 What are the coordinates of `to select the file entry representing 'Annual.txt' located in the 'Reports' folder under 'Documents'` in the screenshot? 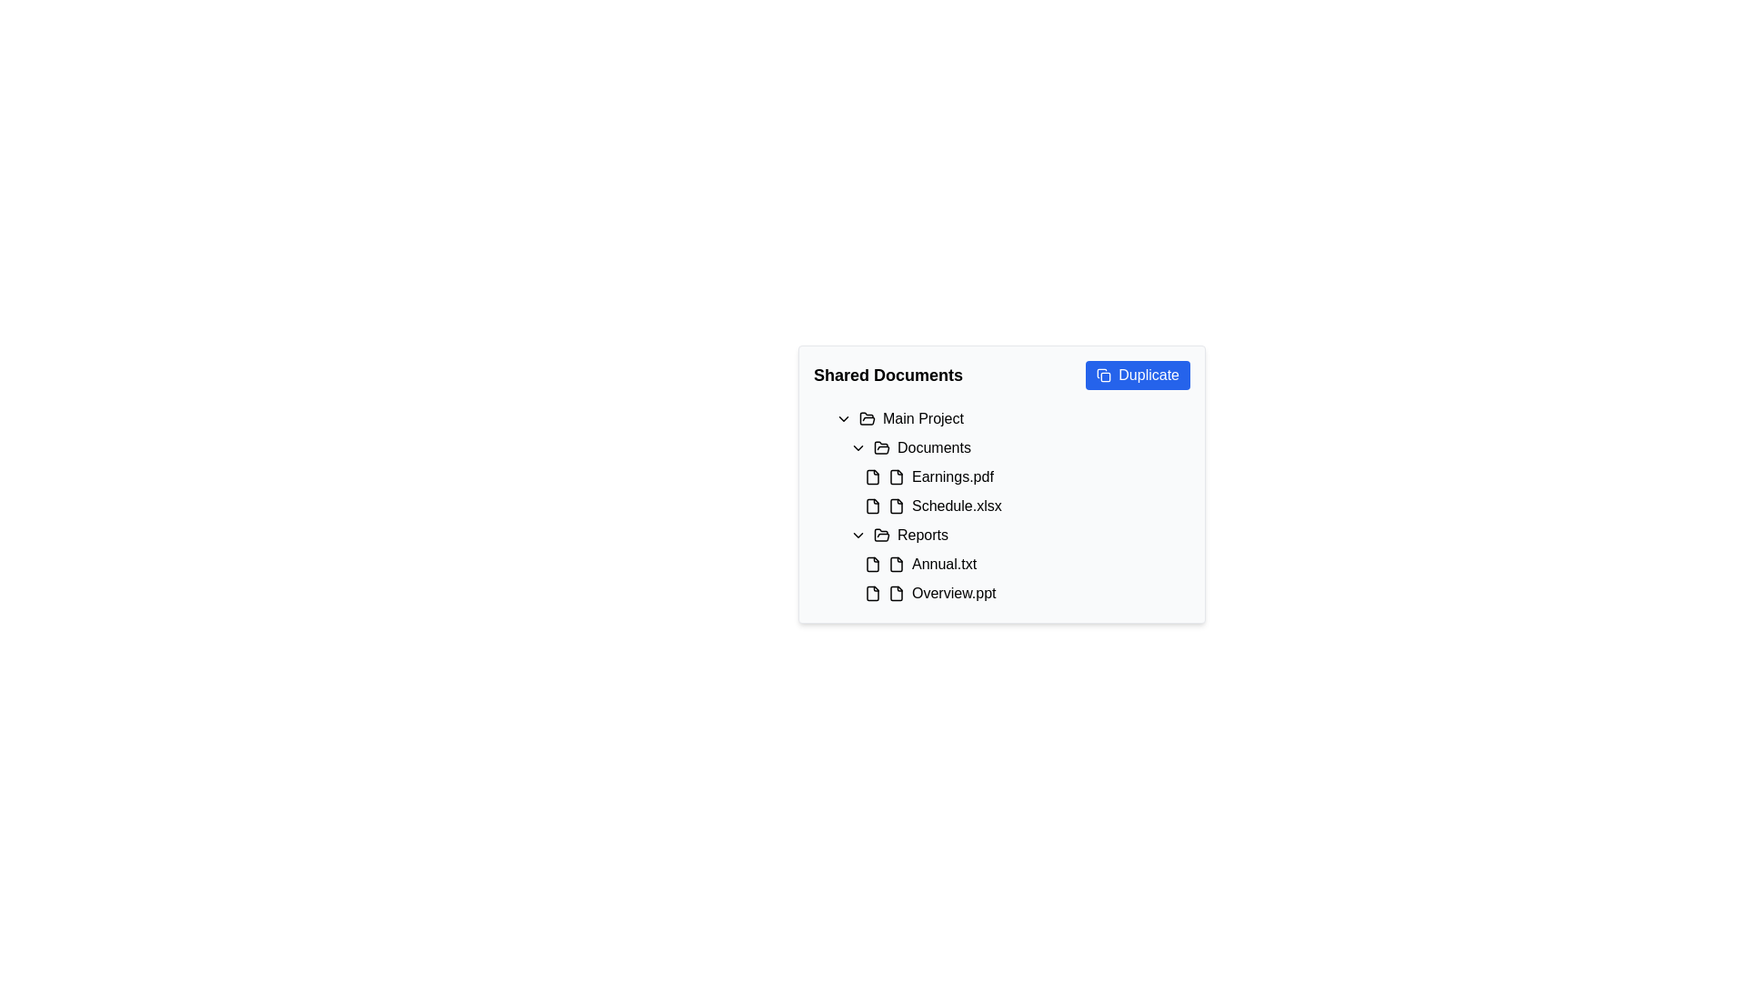 It's located at (1016, 564).